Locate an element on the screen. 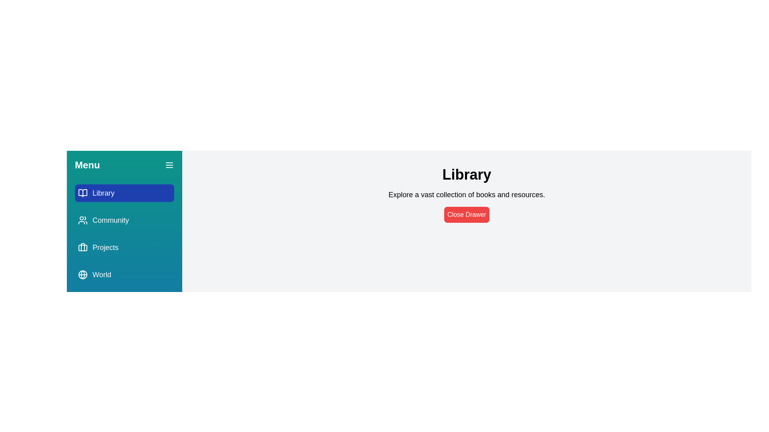 This screenshot has width=769, height=432. the menu item Library to observe its hover effect is located at coordinates (124, 193).